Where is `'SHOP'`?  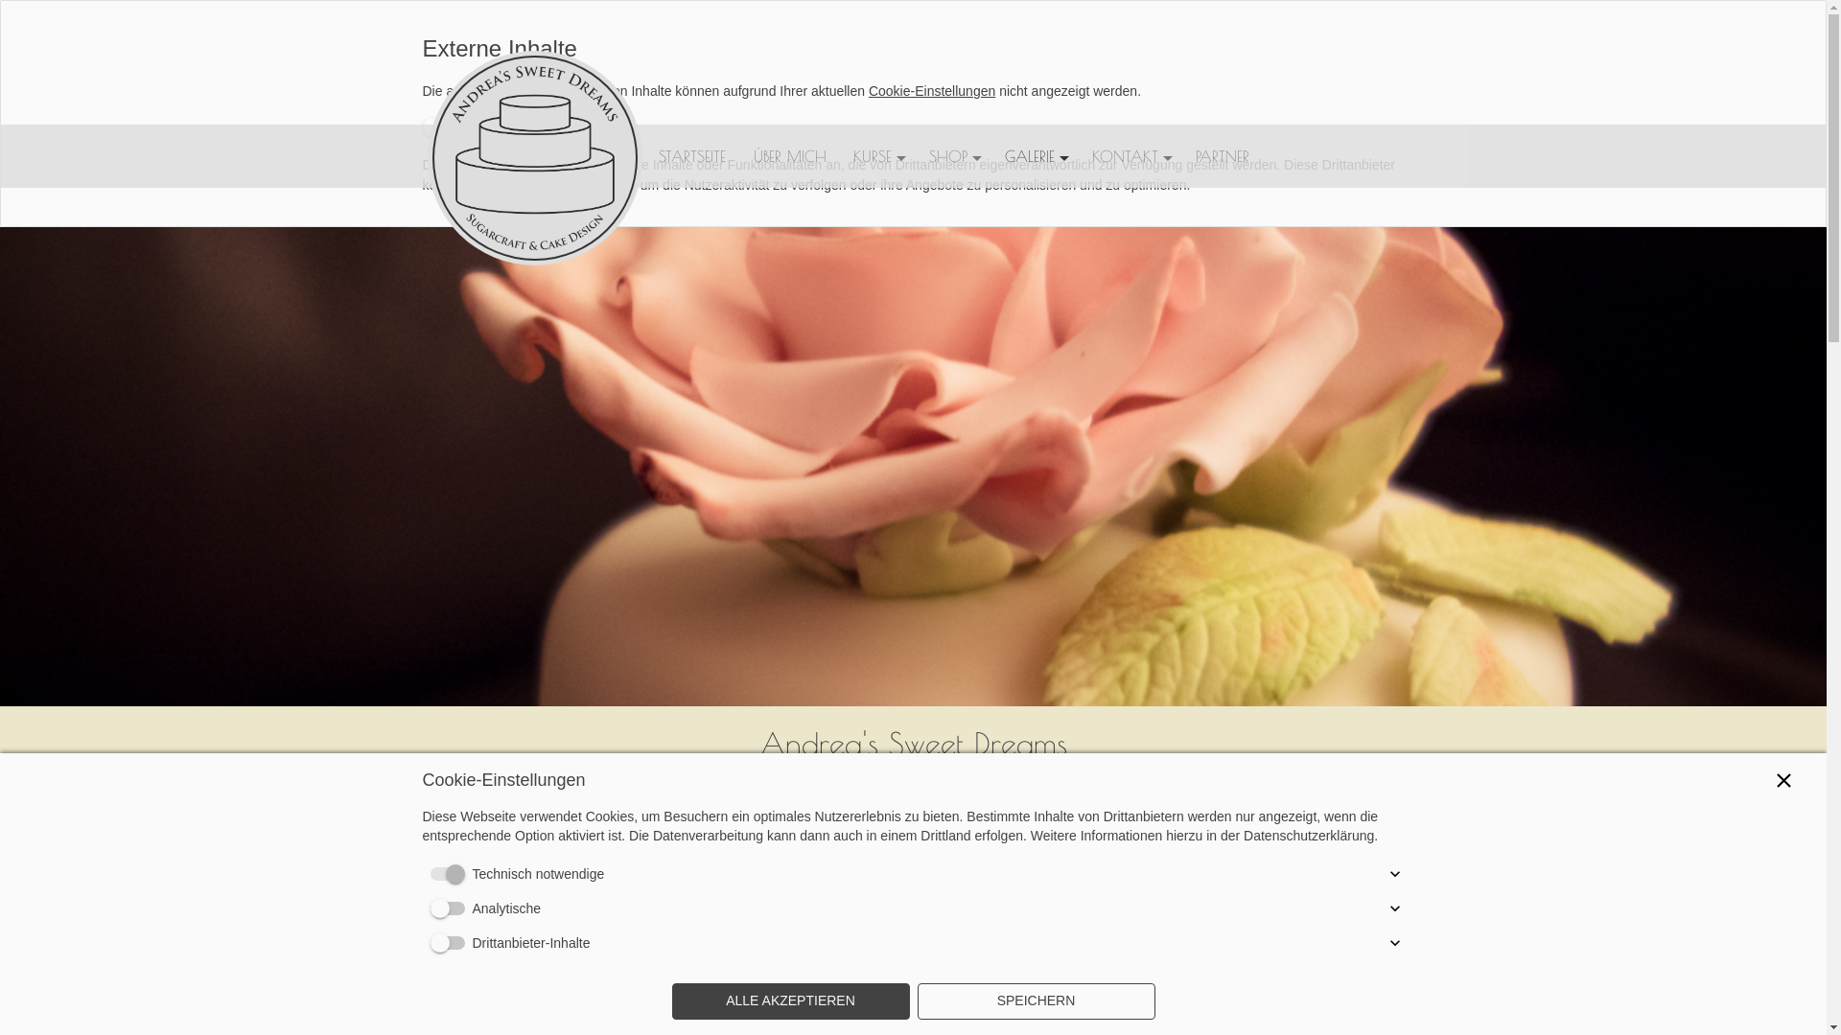 'SHOP' is located at coordinates (953, 154).